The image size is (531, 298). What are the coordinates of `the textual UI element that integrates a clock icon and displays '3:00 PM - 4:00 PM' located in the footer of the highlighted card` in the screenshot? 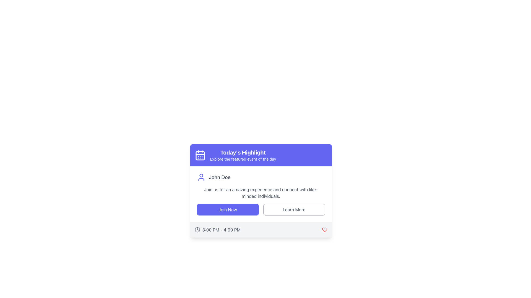 It's located at (217, 230).